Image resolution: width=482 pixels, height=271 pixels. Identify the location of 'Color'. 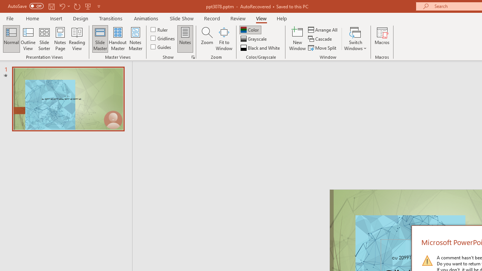
(250, 29).